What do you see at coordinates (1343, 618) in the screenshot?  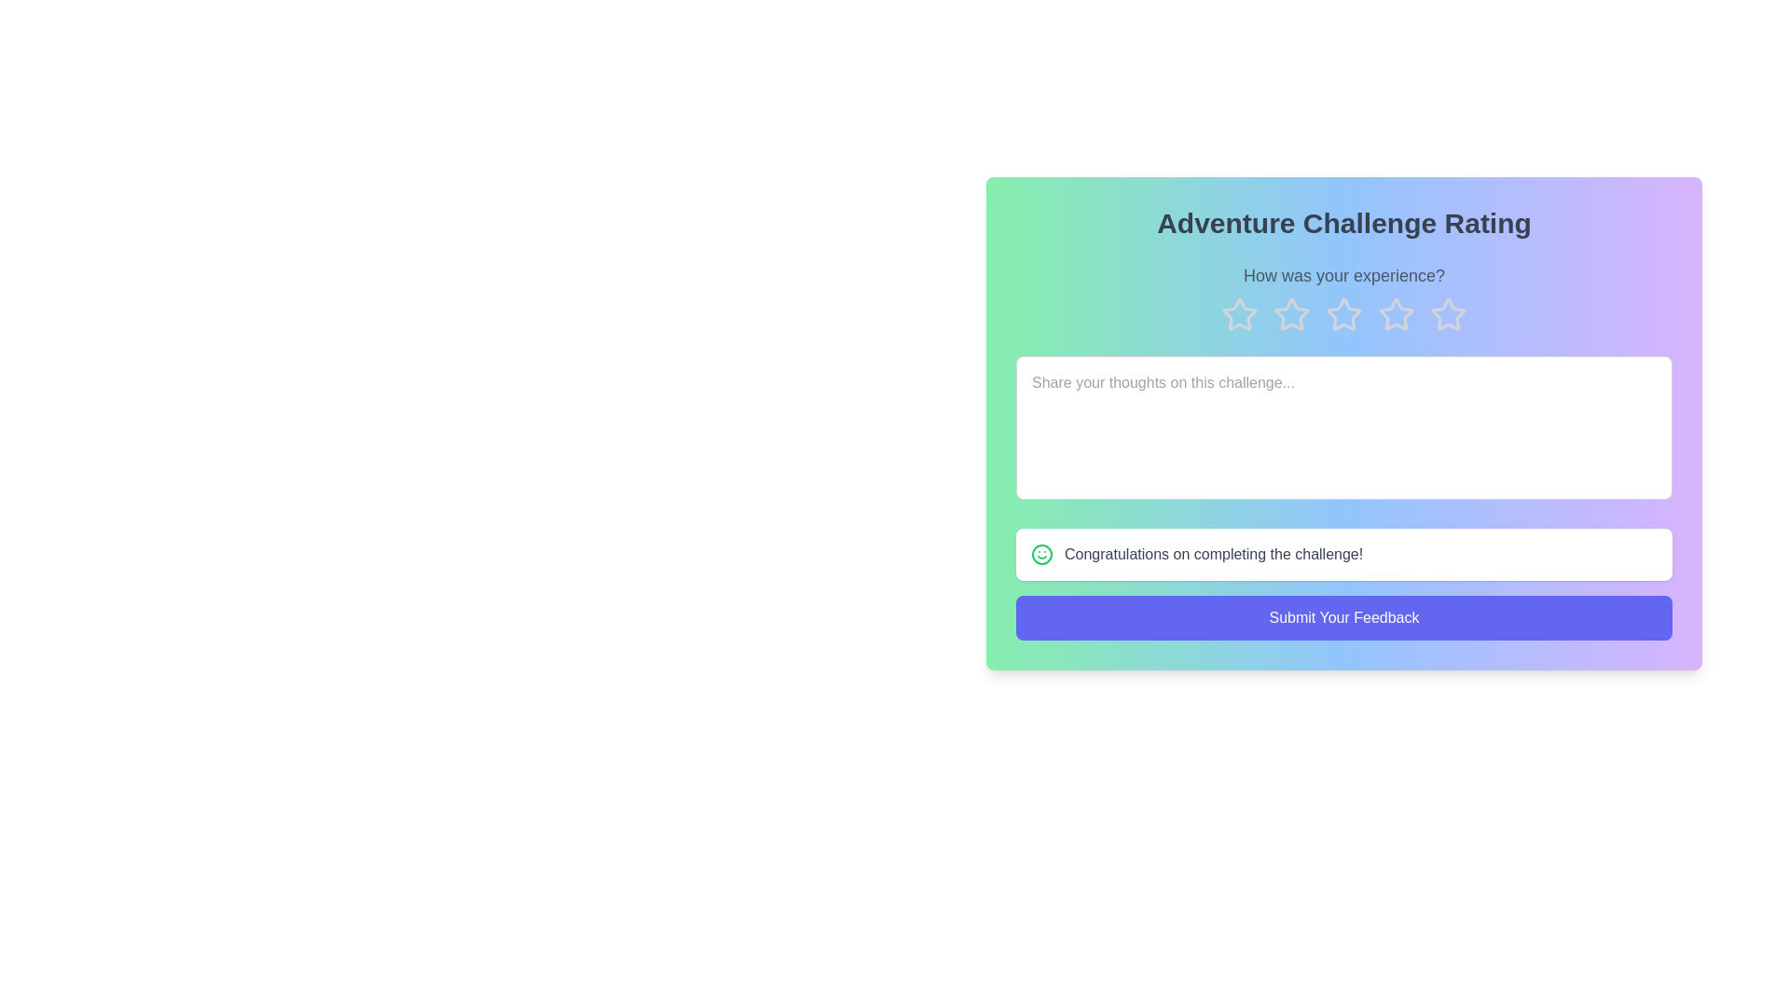 I see `the 'Submit Your Feedback' button, which is a vibrant indigo button with rounded corners located at the bottom of the feedback form` at bounding box center [1343, 618].